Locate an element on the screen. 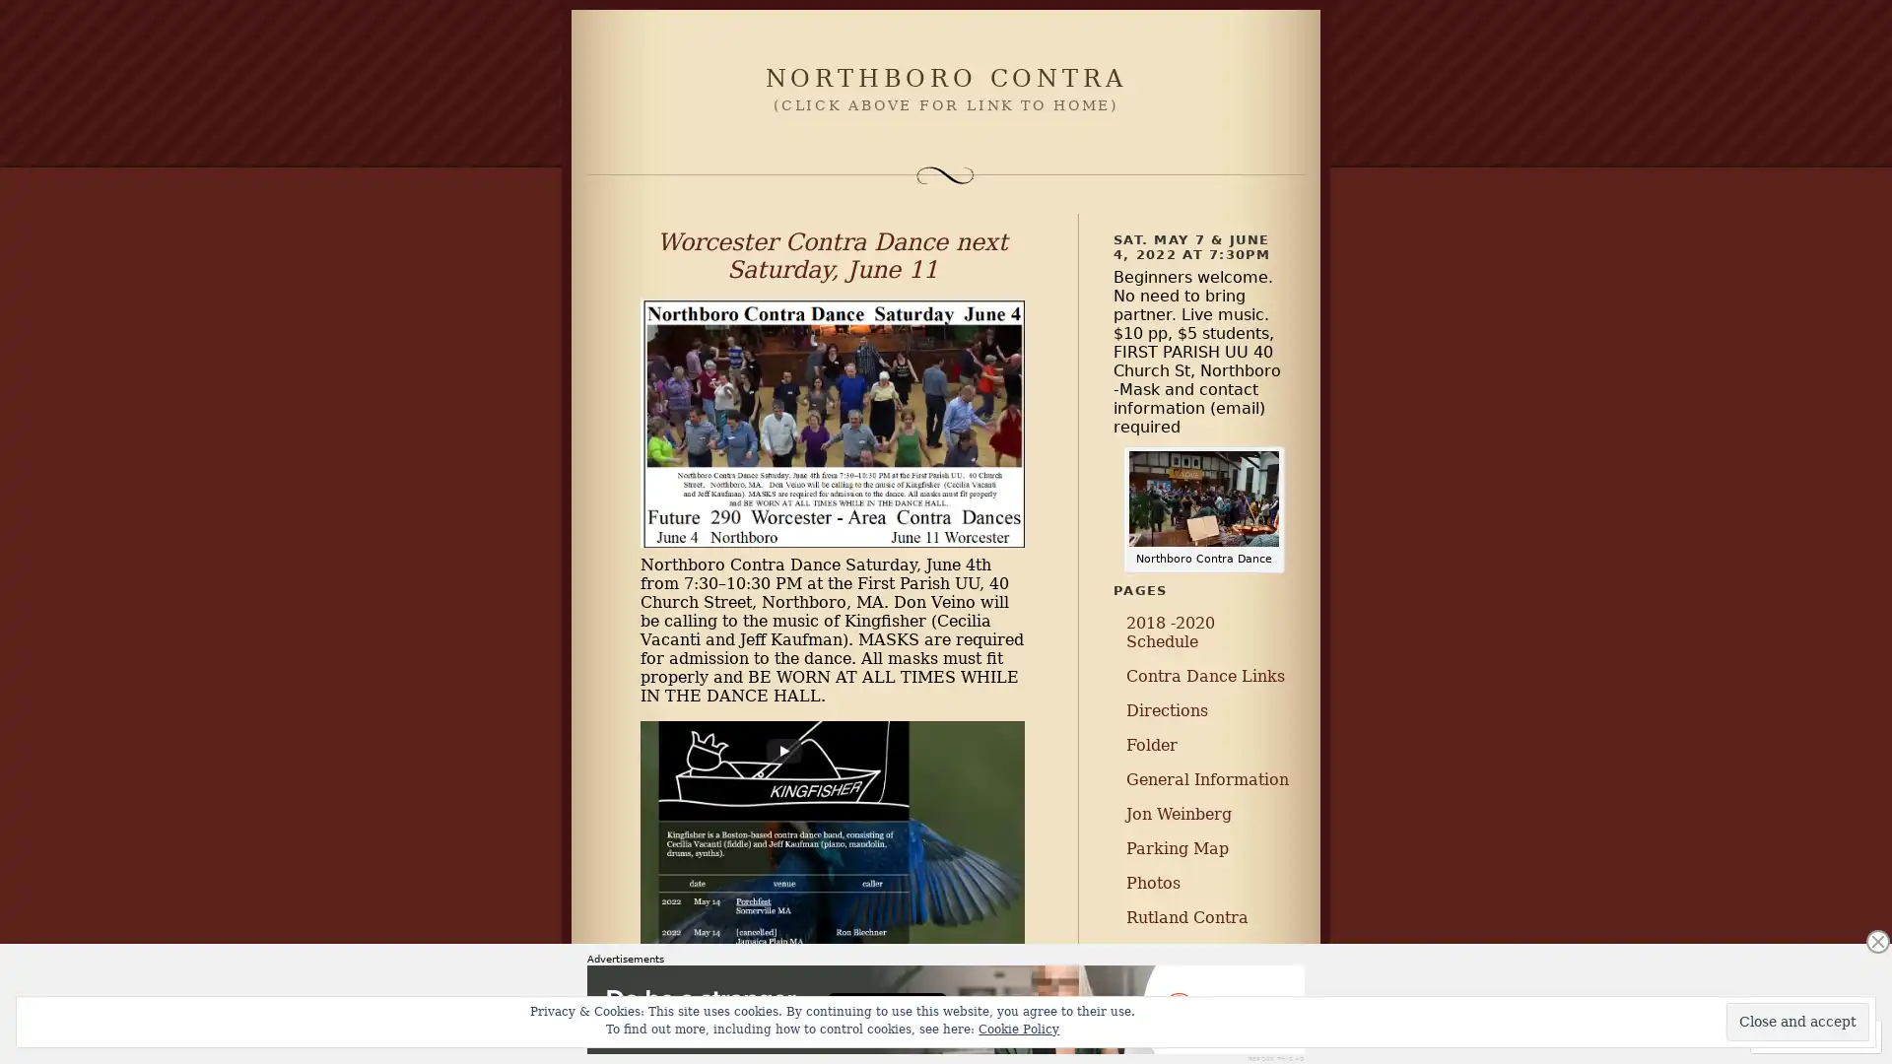  Close and accept is located at coordinates (1797, 1021).